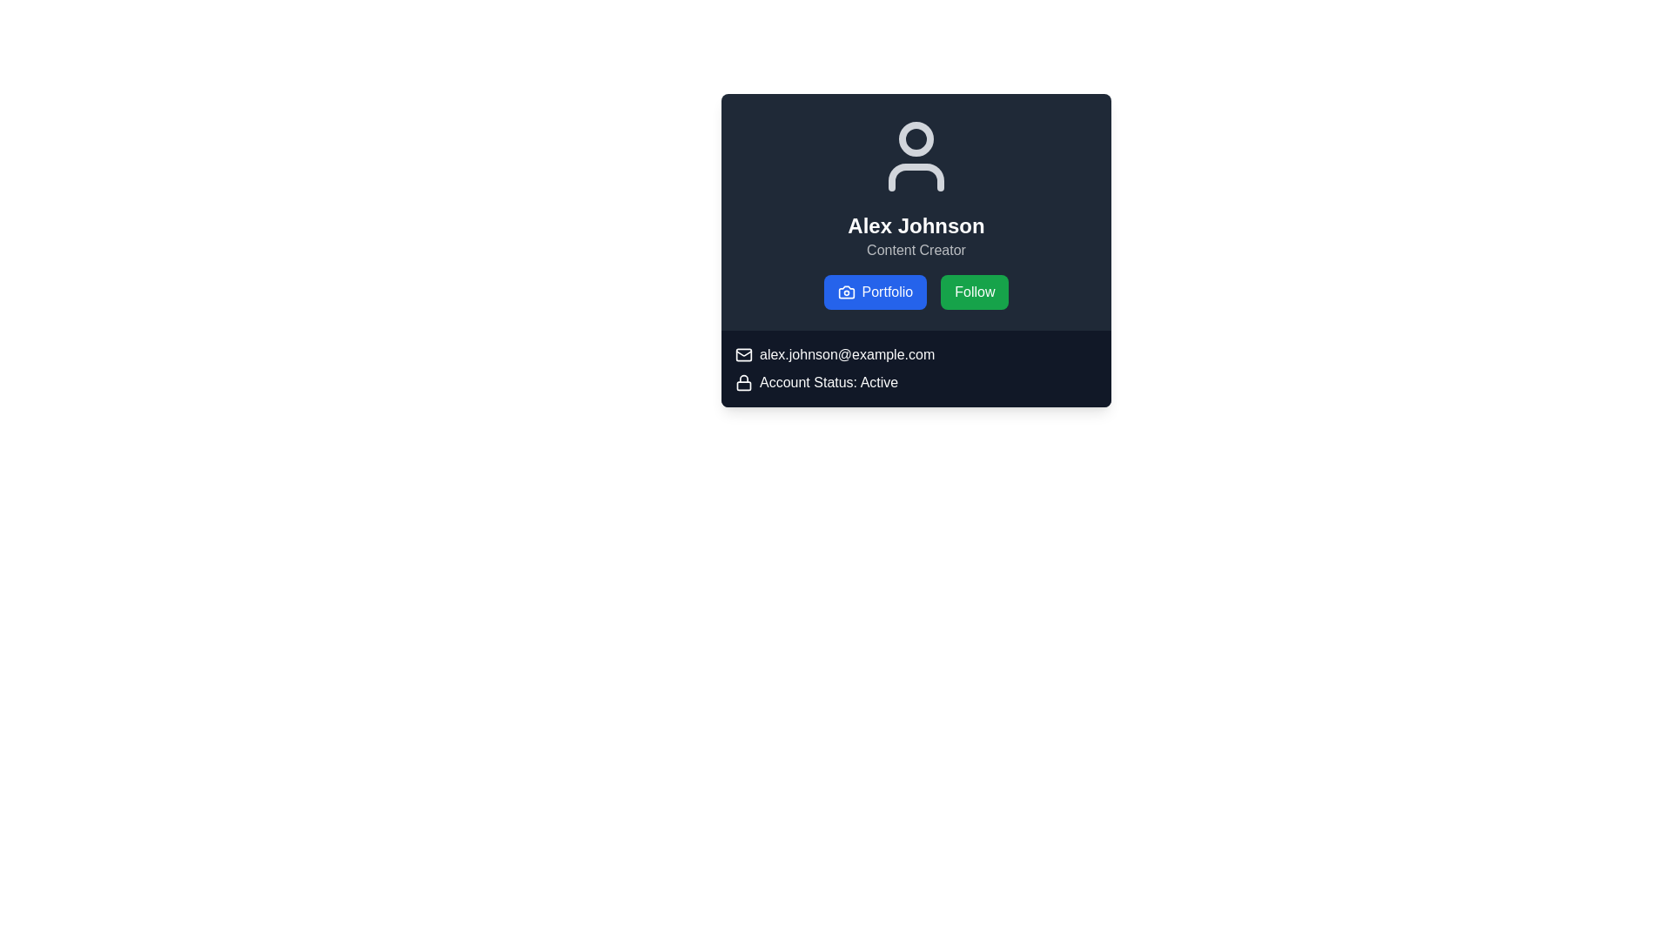  What do you see at coordinates (875, 291) in the screenshot?
I see `the navigation button located in the top half of the profile card` at bounding box center [875, 291].